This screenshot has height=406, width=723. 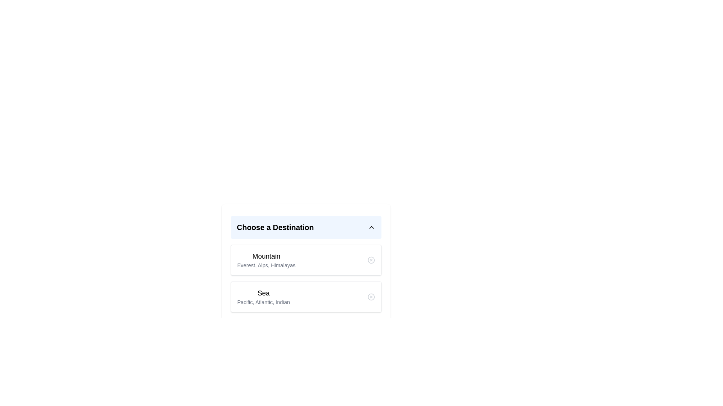 What do you see at coordinates (371, 259) in the screenshot?
I see `the close icon button located in the top-right corner of the list item containing 'MountainEverest, Alps, Himalayas'` at bounding box center [371, 259].